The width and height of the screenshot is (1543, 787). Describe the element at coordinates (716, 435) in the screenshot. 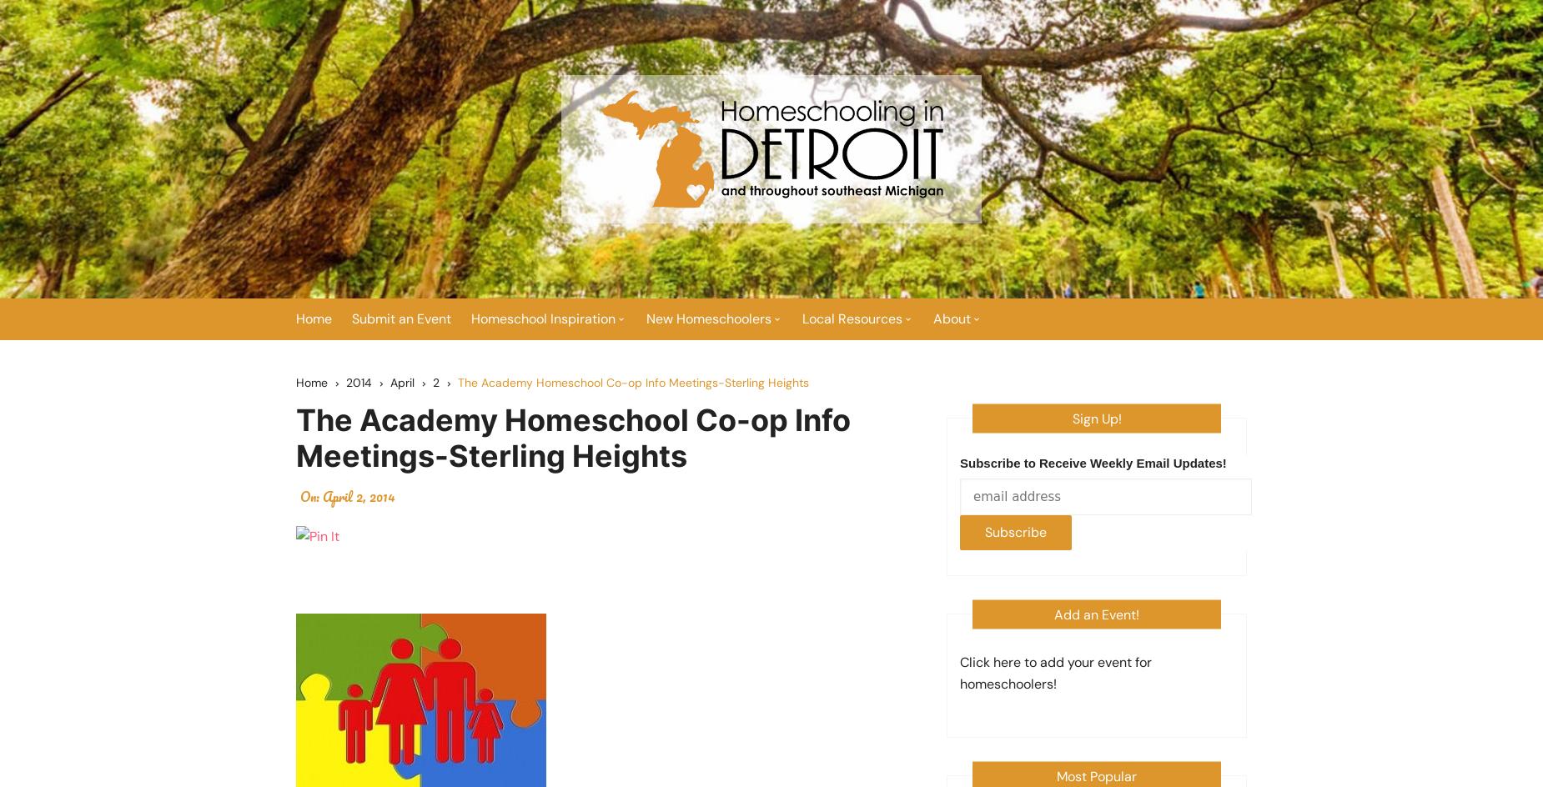

I see `'Curriculum & Helps'` at that location.